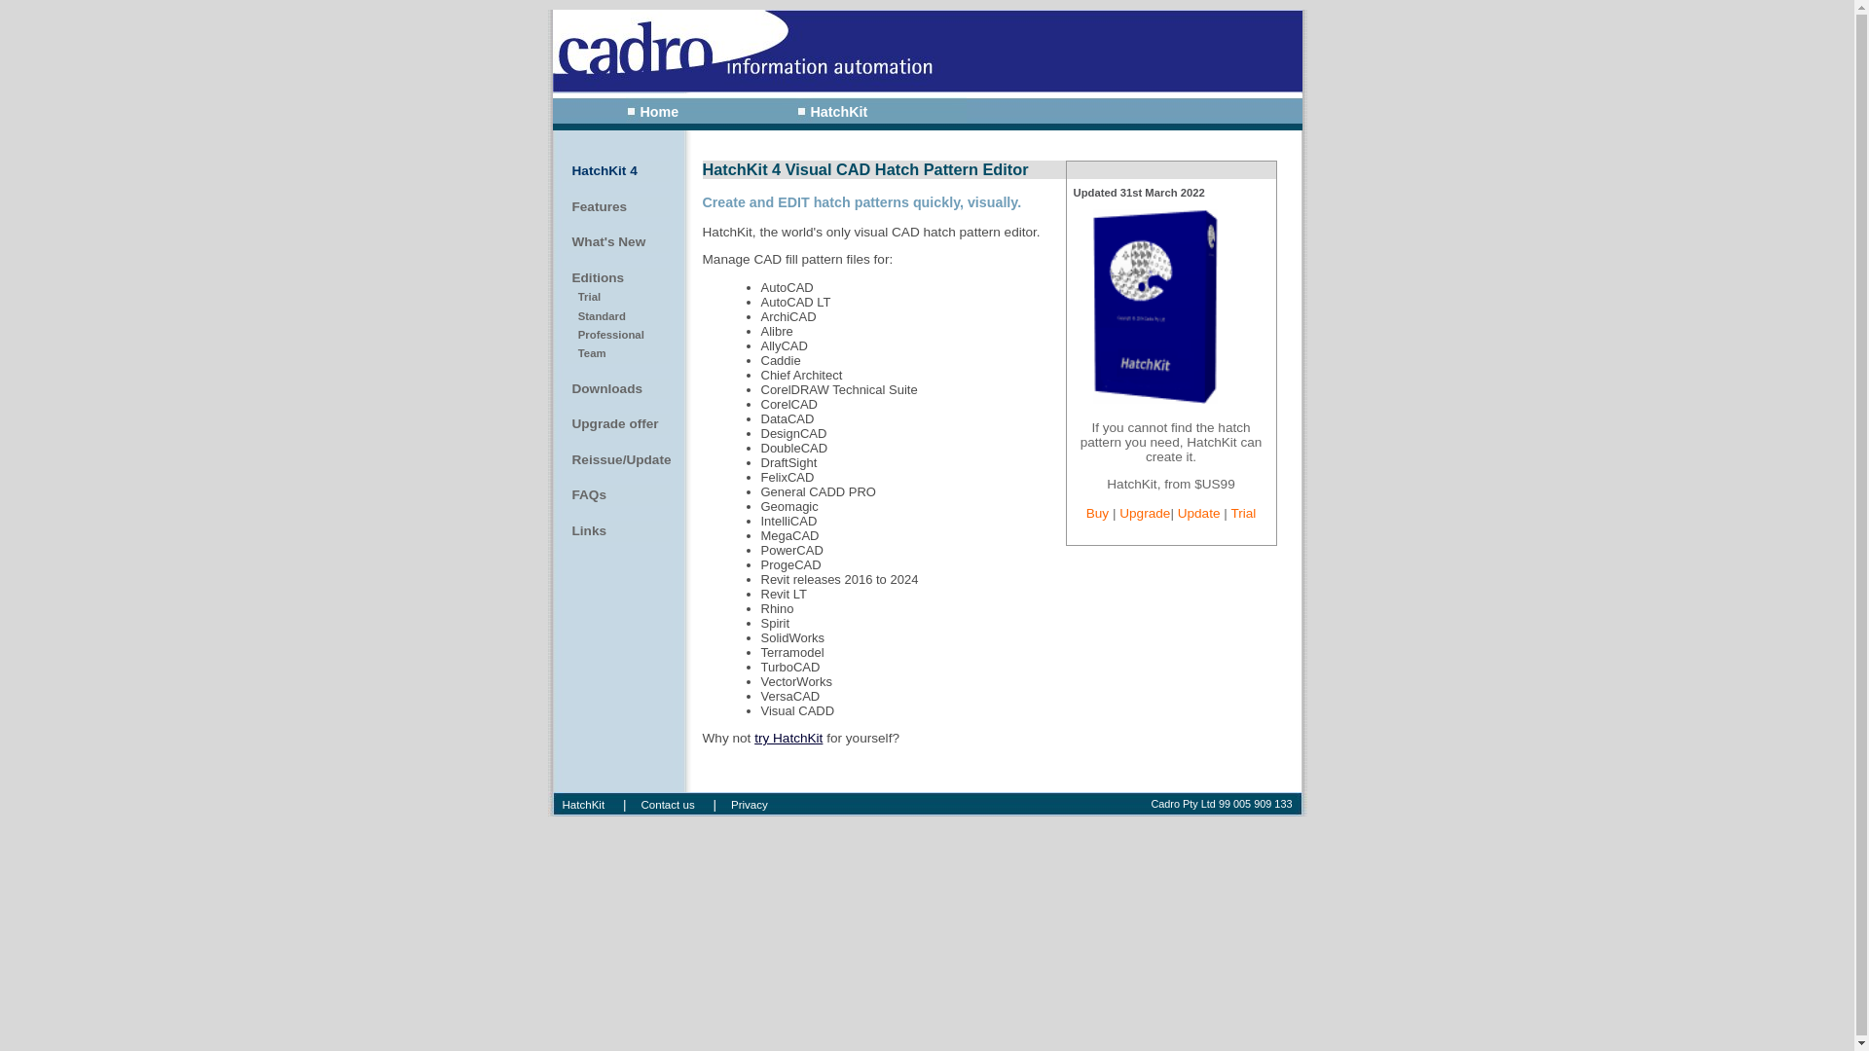 The width and height of the screenshot is (1869, 1051). What do you see at coordinates (582, 804) in the screenshot?
I see `'HatchKit'` at bounding box center [582, 804].